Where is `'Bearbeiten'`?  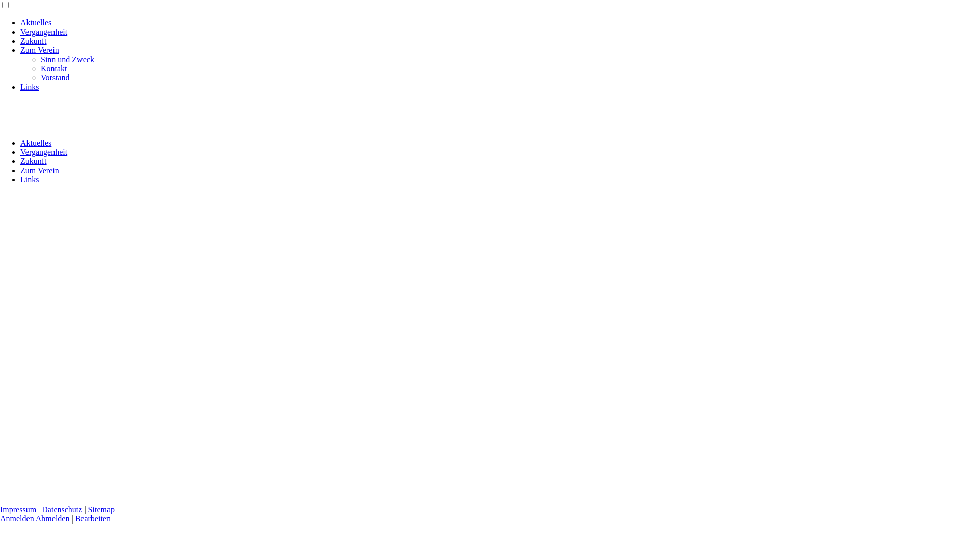 'Bearbeiten' is located at coordinates (93, 518).